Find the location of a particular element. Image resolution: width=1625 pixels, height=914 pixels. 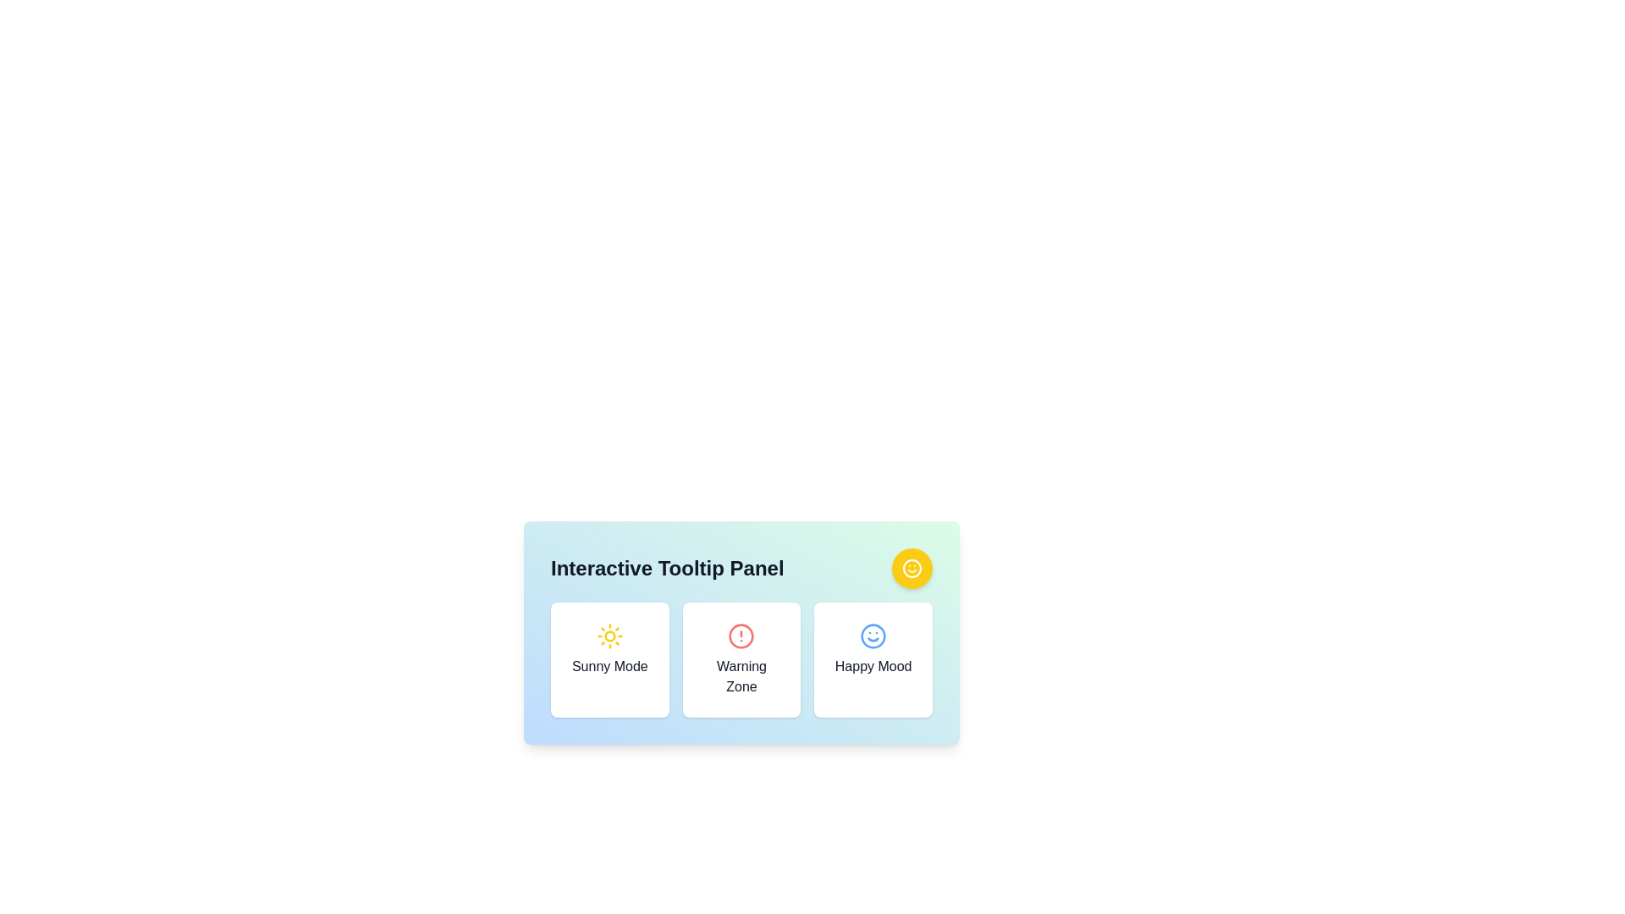

the middle static visual card component that indicates a warning state or zone, which is centered within a three-card arrangement is located at coordinates (741, 658).